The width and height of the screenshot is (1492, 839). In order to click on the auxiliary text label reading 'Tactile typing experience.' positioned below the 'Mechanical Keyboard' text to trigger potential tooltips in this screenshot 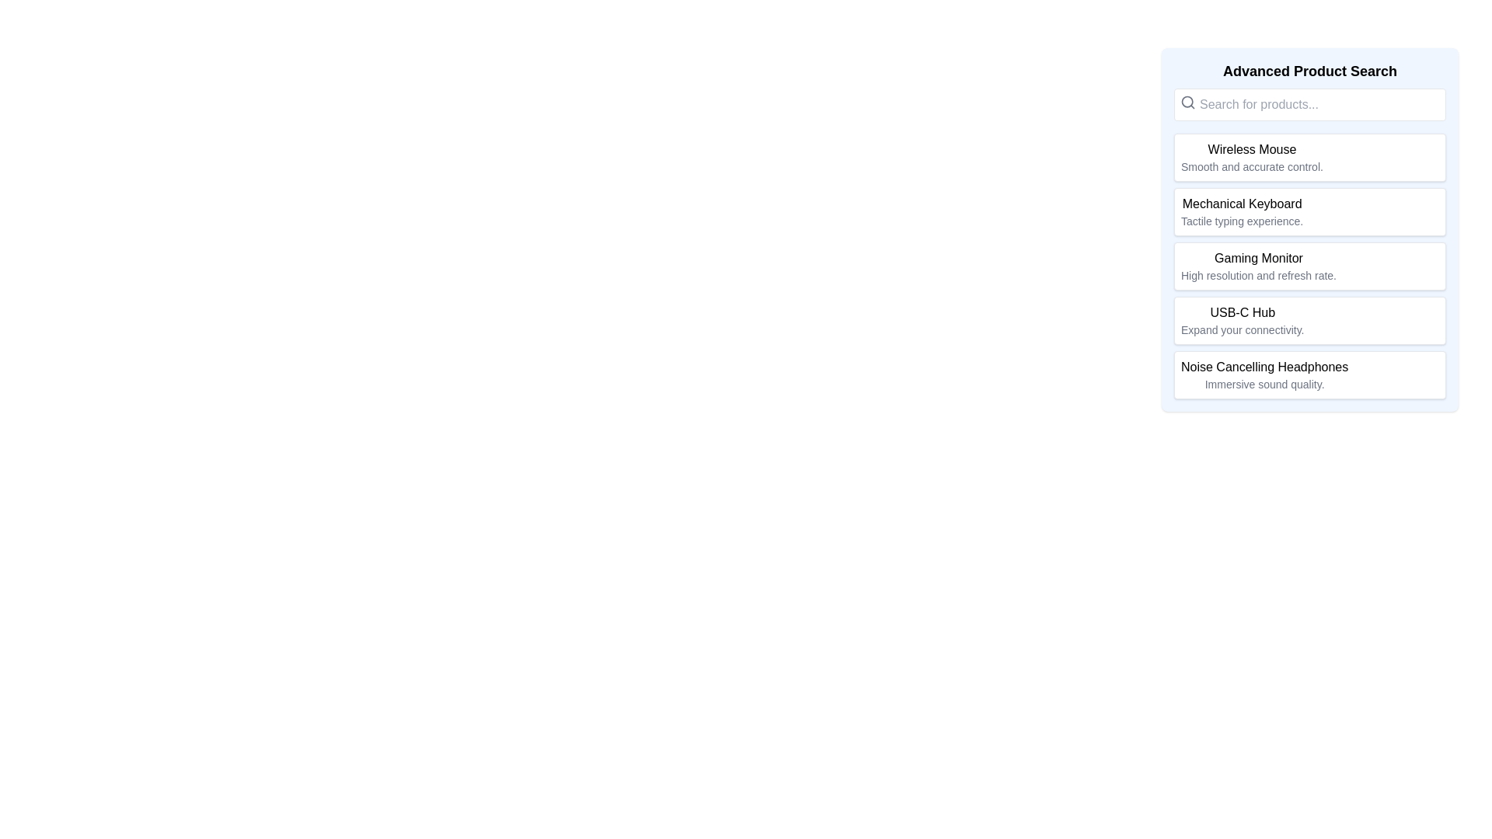, I will do `click(1241, 221)`.